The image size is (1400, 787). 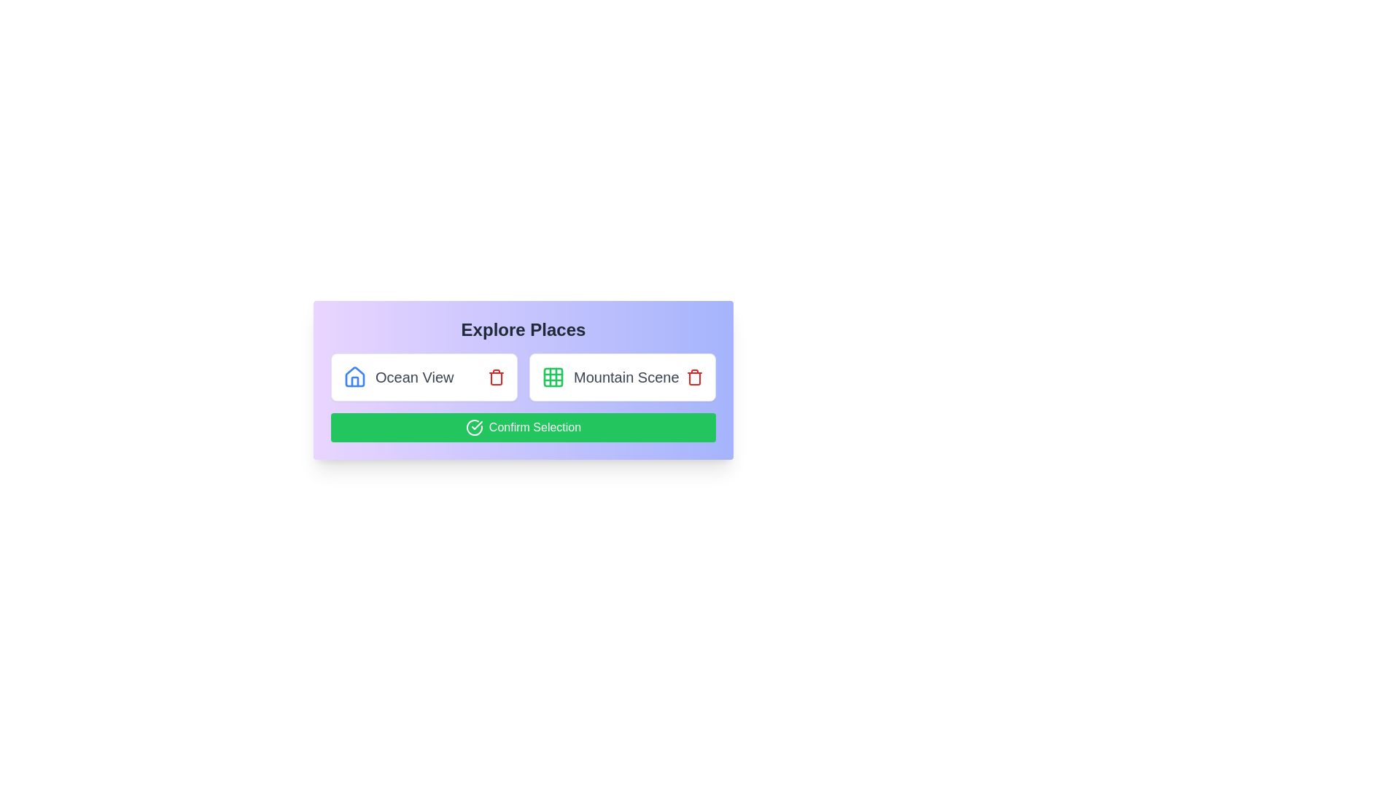 I want to click on the decorative confirmation icon located inside the confirm button, which is positioned slightly to the right of the button's center below the list of selectable items, so click(x=477, y=425).